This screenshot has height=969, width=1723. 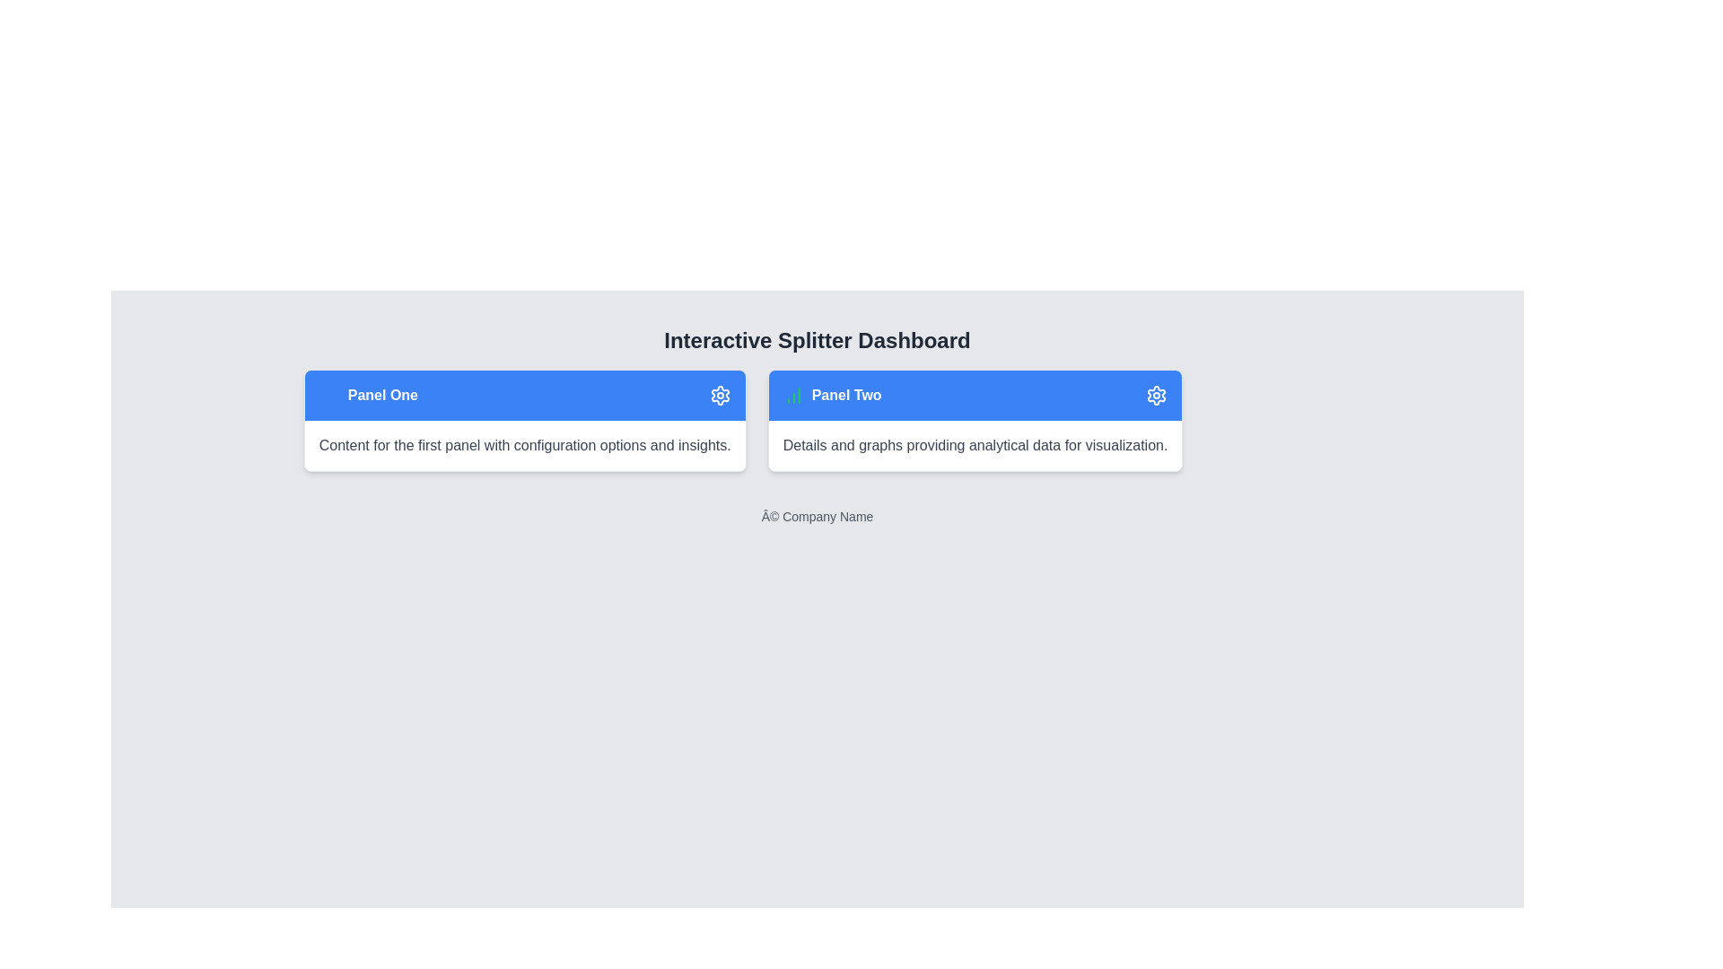 What do you see at coordinates (524, 445) in the screenshot?
I see `text content from the text block displaying 'Content for the first panel with configuration options and insights.' located beneath the title 'Panel One.'` at bounding box center [524, 445].